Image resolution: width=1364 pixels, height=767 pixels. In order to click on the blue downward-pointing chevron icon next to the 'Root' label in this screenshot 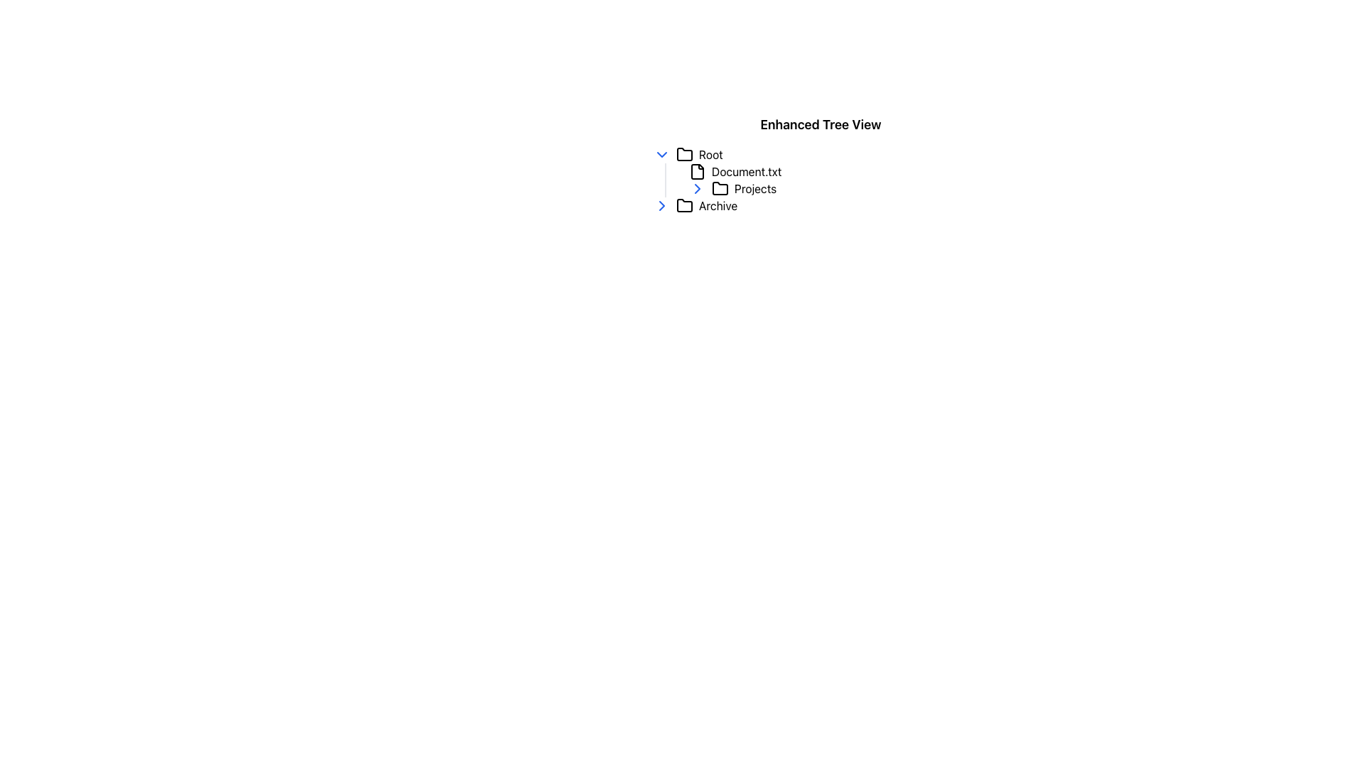, I will do `click(661, 155)`.